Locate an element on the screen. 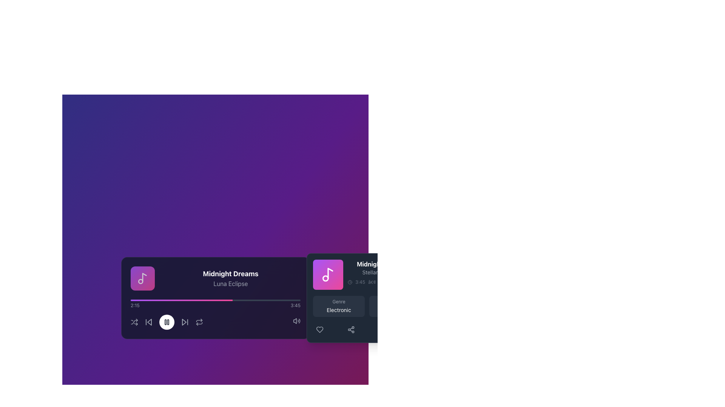  the Information panel with a gray background and rounded corners that contains the text 'Genre' and 'Electronic' is located at coordinates (338, 306).